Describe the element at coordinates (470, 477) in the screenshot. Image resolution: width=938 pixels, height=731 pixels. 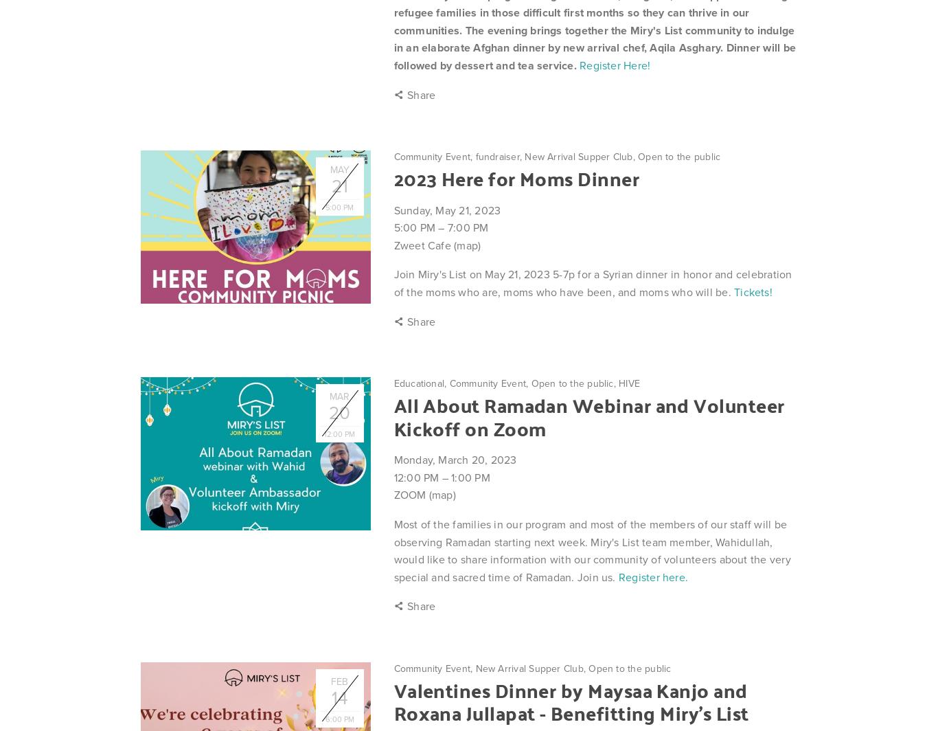
I see `'1:00 PM'` at that location.